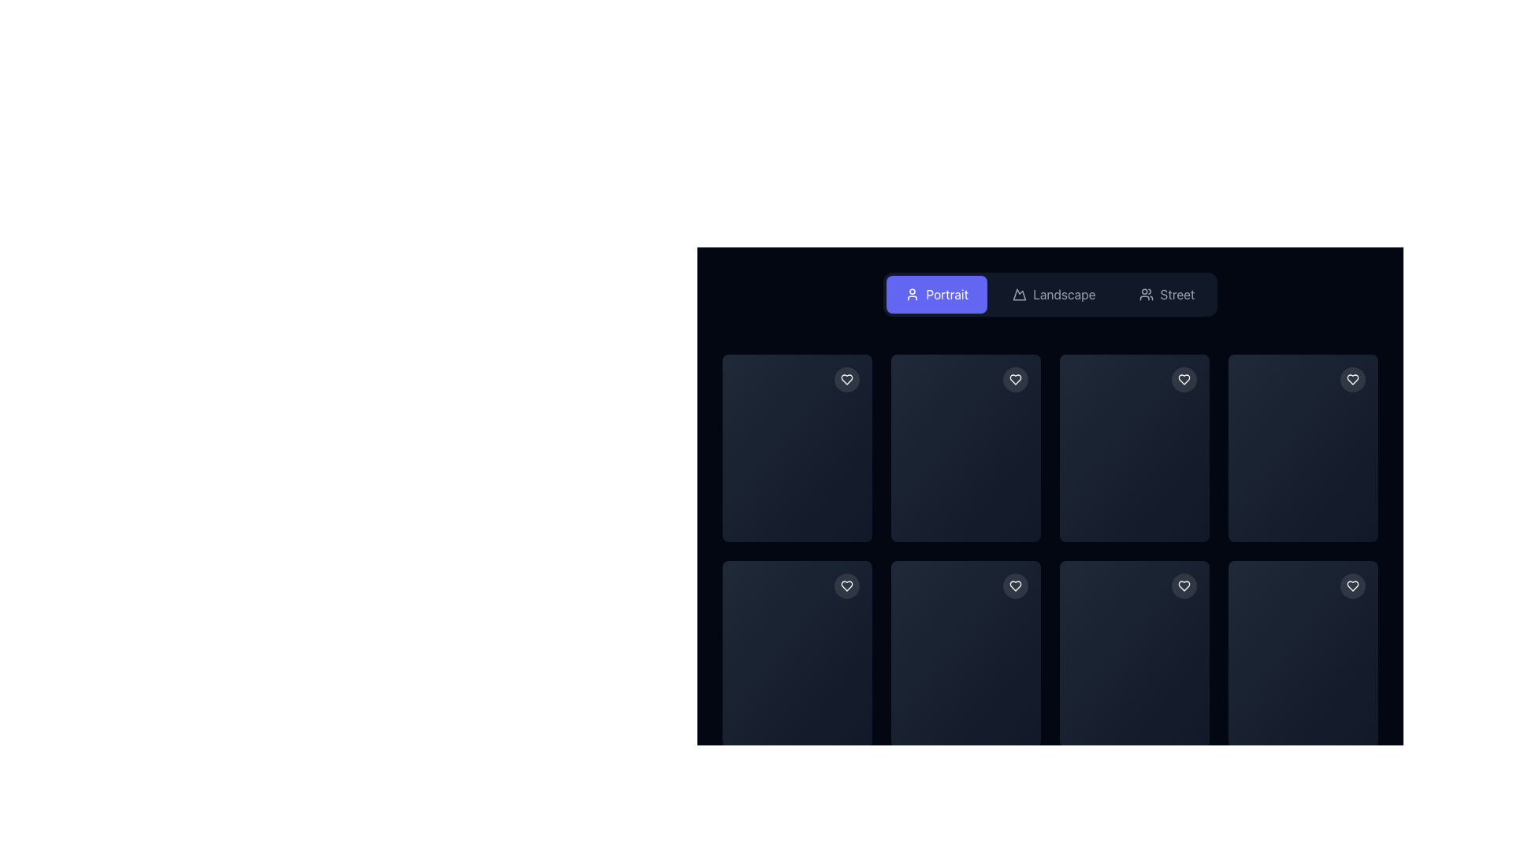 The image size is (1513, 851). What do you see at coordinates (1050, 295) in the screenshot?
I see `the segmented control button group located at the top center of the interface` at bounding box center [1050, 295].